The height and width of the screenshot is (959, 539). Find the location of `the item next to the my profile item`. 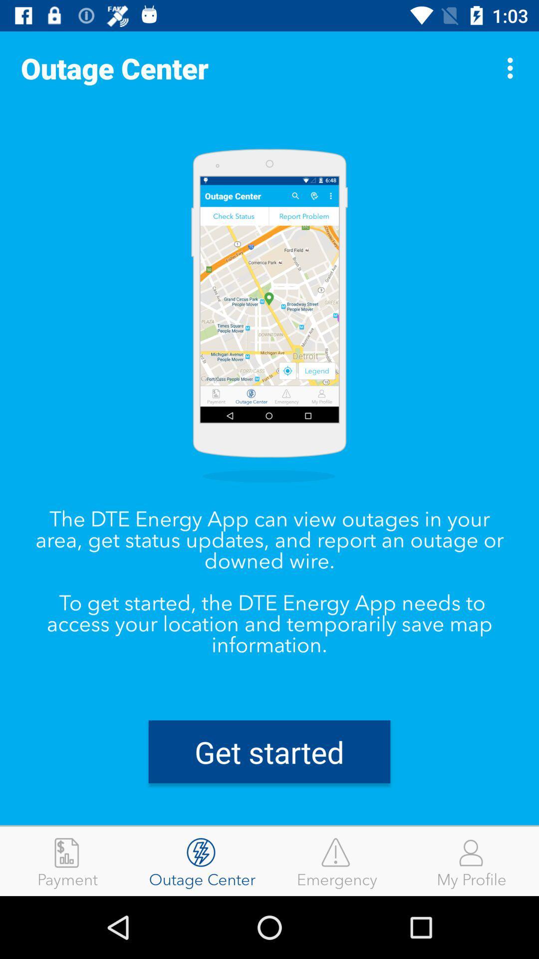

the item next to the my profile item is located at coordinates (337, 861).